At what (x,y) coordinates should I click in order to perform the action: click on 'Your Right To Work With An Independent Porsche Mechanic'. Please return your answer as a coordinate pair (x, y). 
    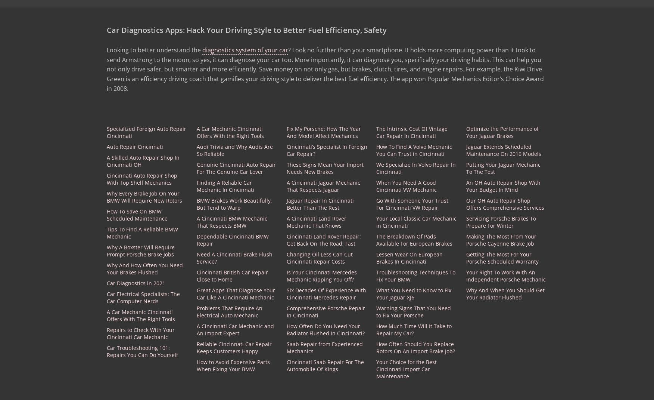
    Looking at the image, I should click on (506, 275).